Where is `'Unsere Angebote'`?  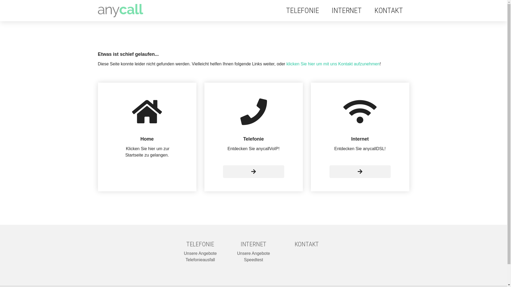 'Unsere Angebote' is located at coordinates (253, 253).